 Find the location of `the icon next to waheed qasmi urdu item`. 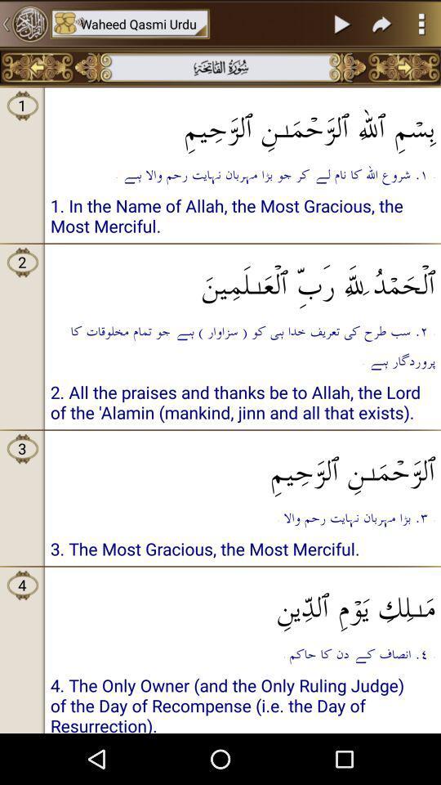

the icon next to waheed qasmi urdu item is located at coordinates (24, 23).